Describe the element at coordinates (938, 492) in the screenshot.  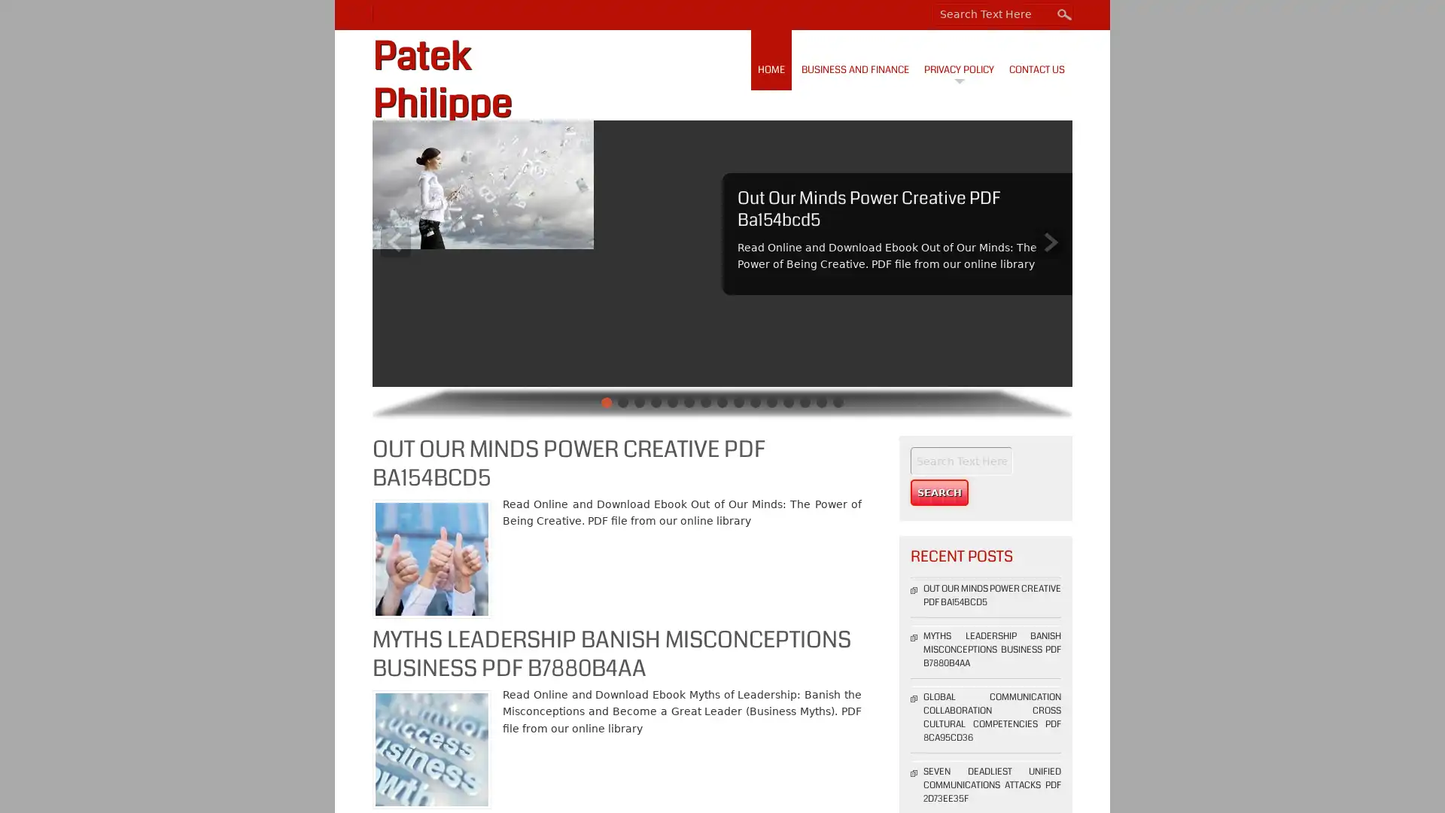
I see `Search` at that location.